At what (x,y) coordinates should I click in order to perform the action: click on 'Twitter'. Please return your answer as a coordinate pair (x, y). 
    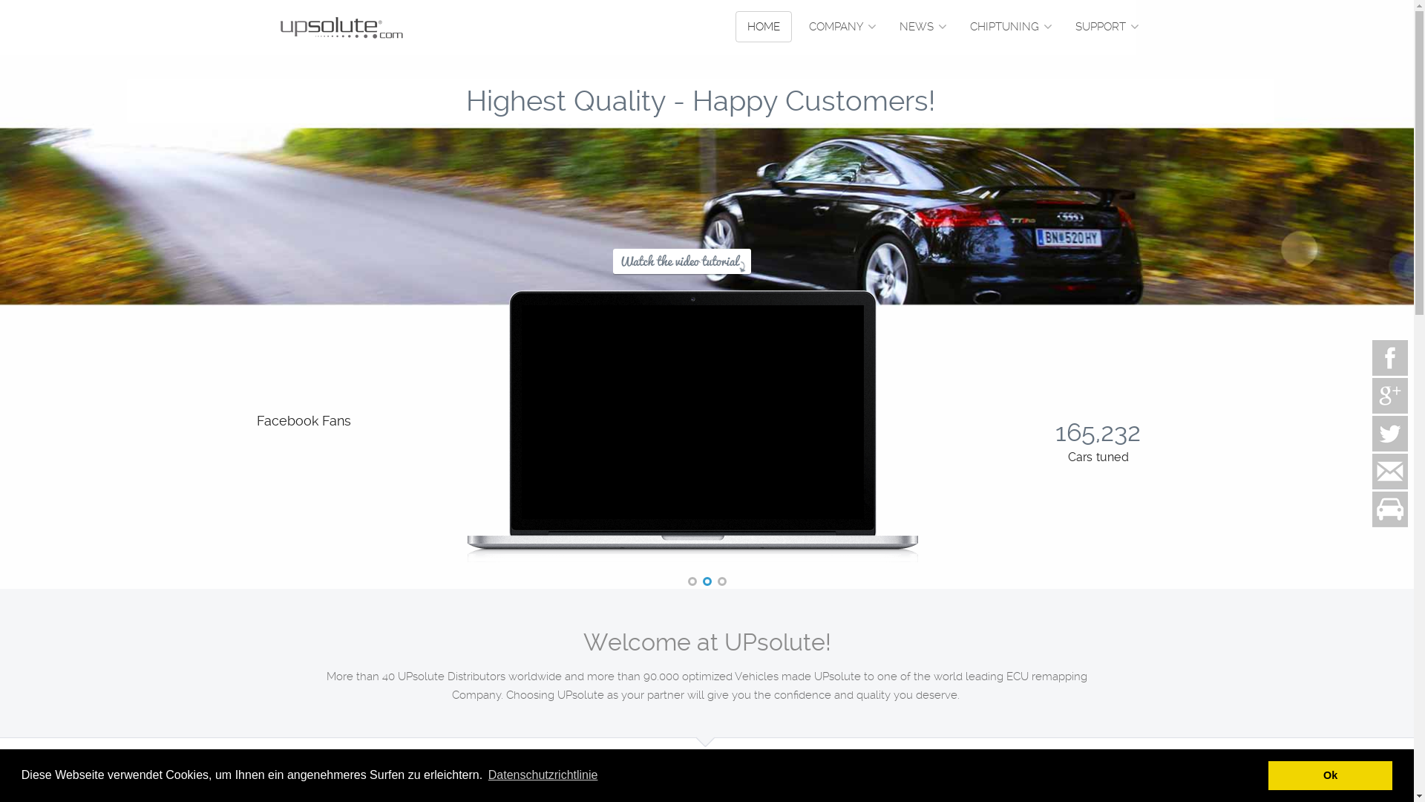
    Looking at the image, I should click on (1389, 433).